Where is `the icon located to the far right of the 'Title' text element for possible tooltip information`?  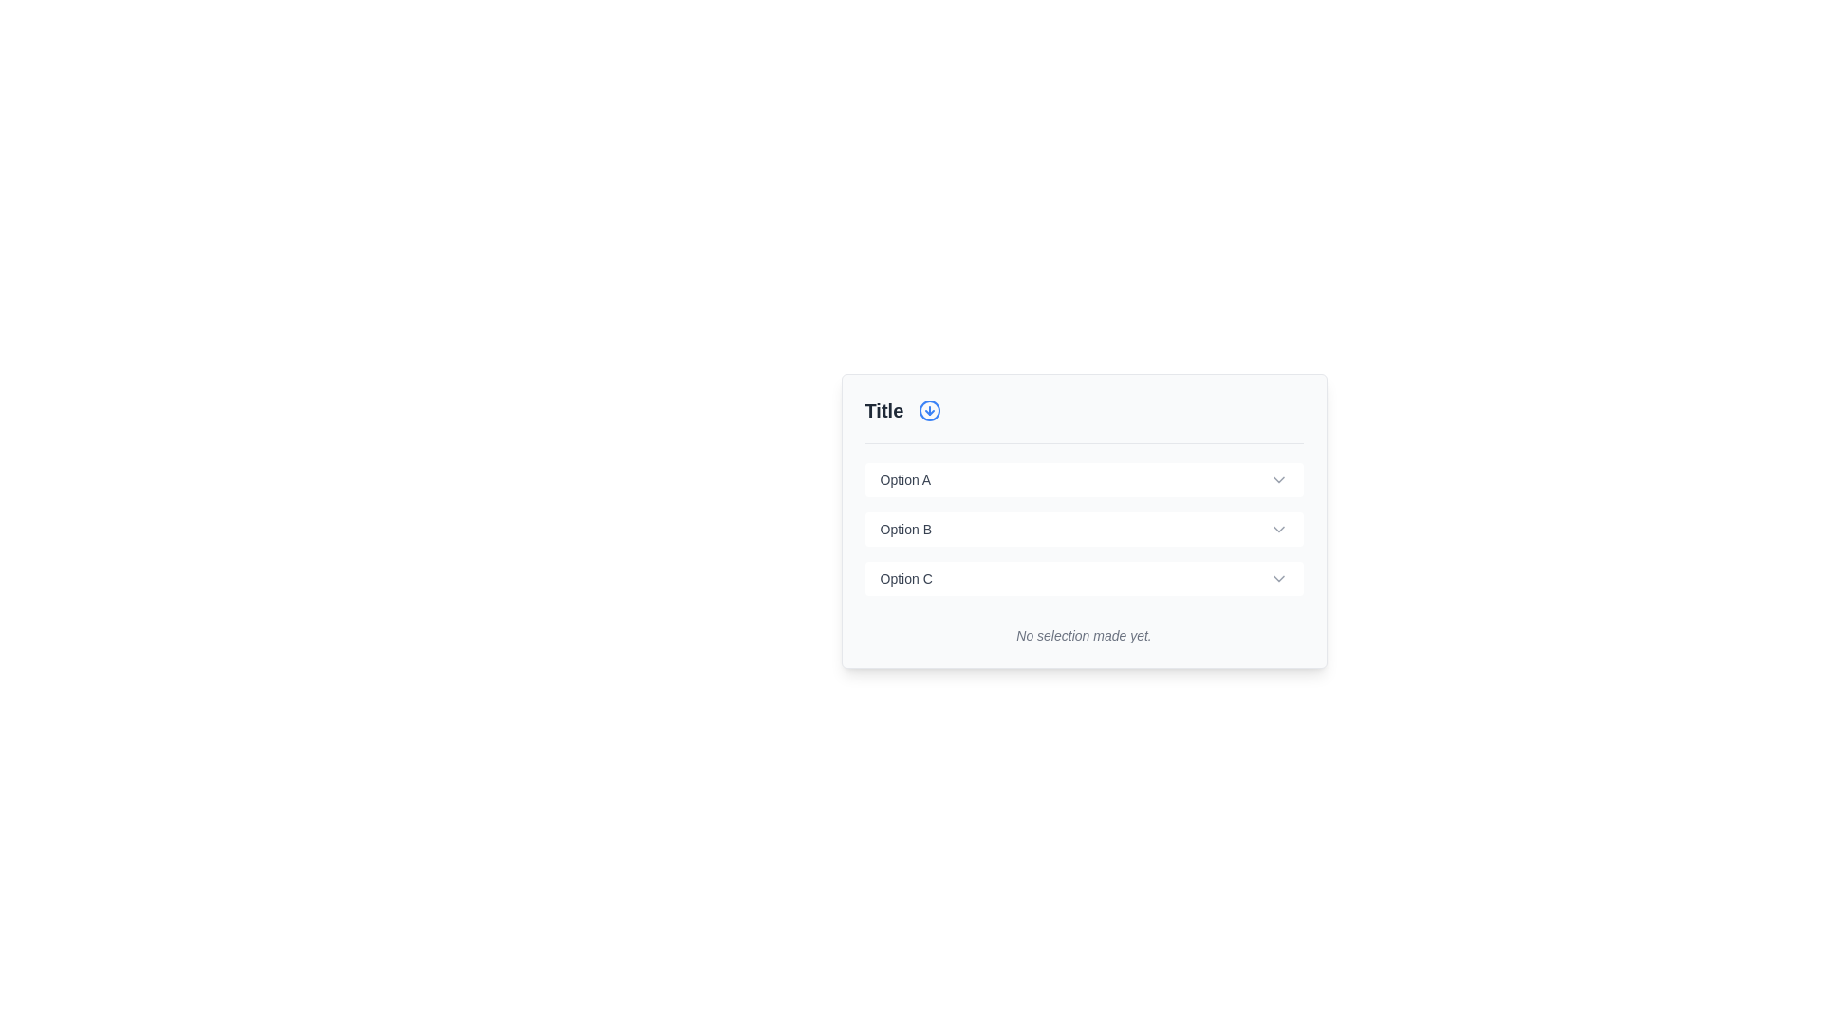 the icon located to the far right of the 'Title' text element for possible tooltip information is located at coordinates (930, 409).